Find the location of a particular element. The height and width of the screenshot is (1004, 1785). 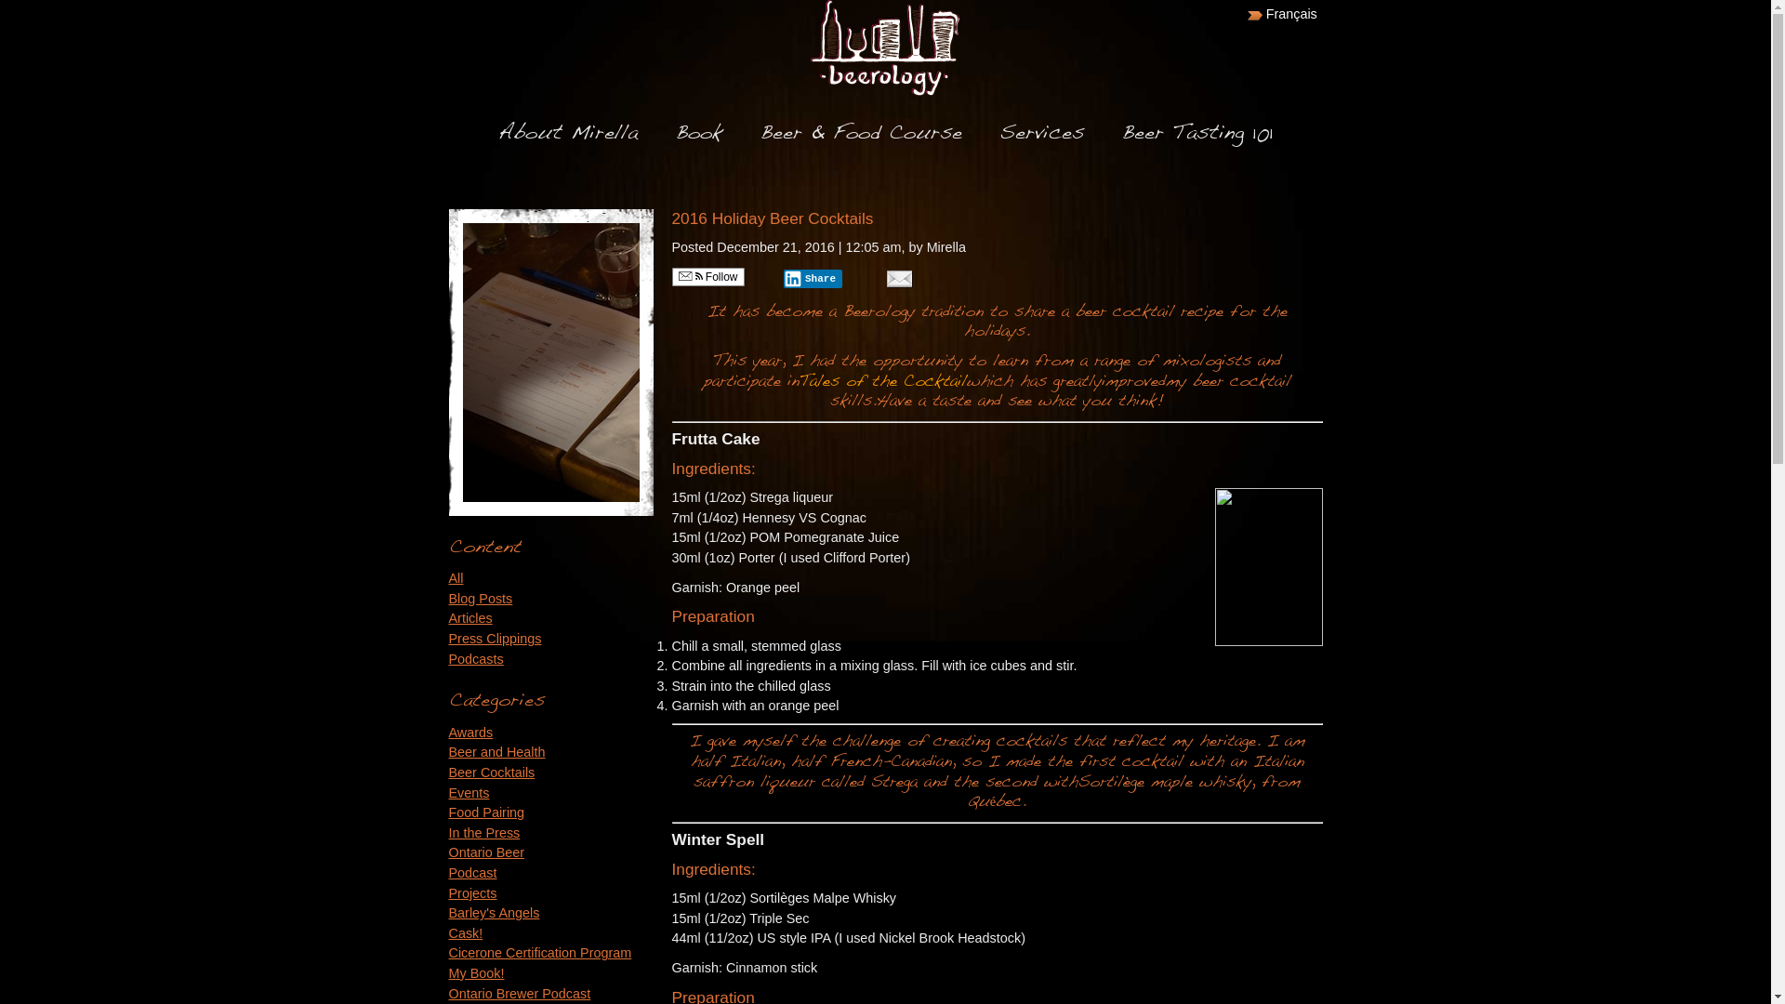

'2016 Holiday Beer Cocktails' is located at coordinates (772, 218).